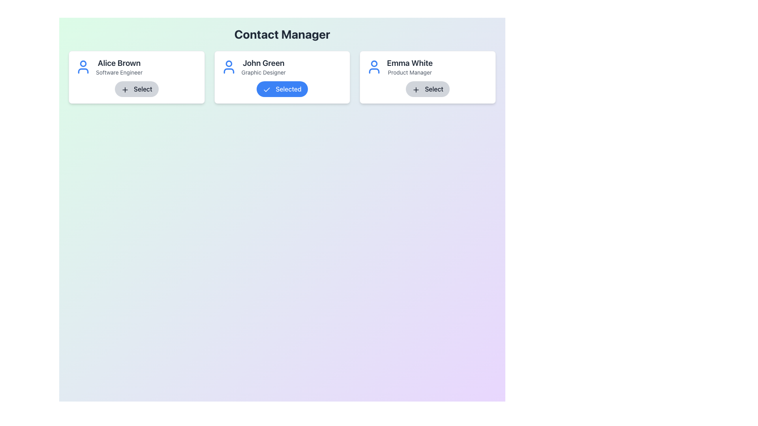 The width and height of the screenshot is (758, 426). Describe the element at coordinates (374, 66) in the screenshot. I see `the user avatar icon with a blue outline, located in the upper section of the card labeled 'Emma White' and 'Product Manager' in the far-right card of a three-card layout` at that location.